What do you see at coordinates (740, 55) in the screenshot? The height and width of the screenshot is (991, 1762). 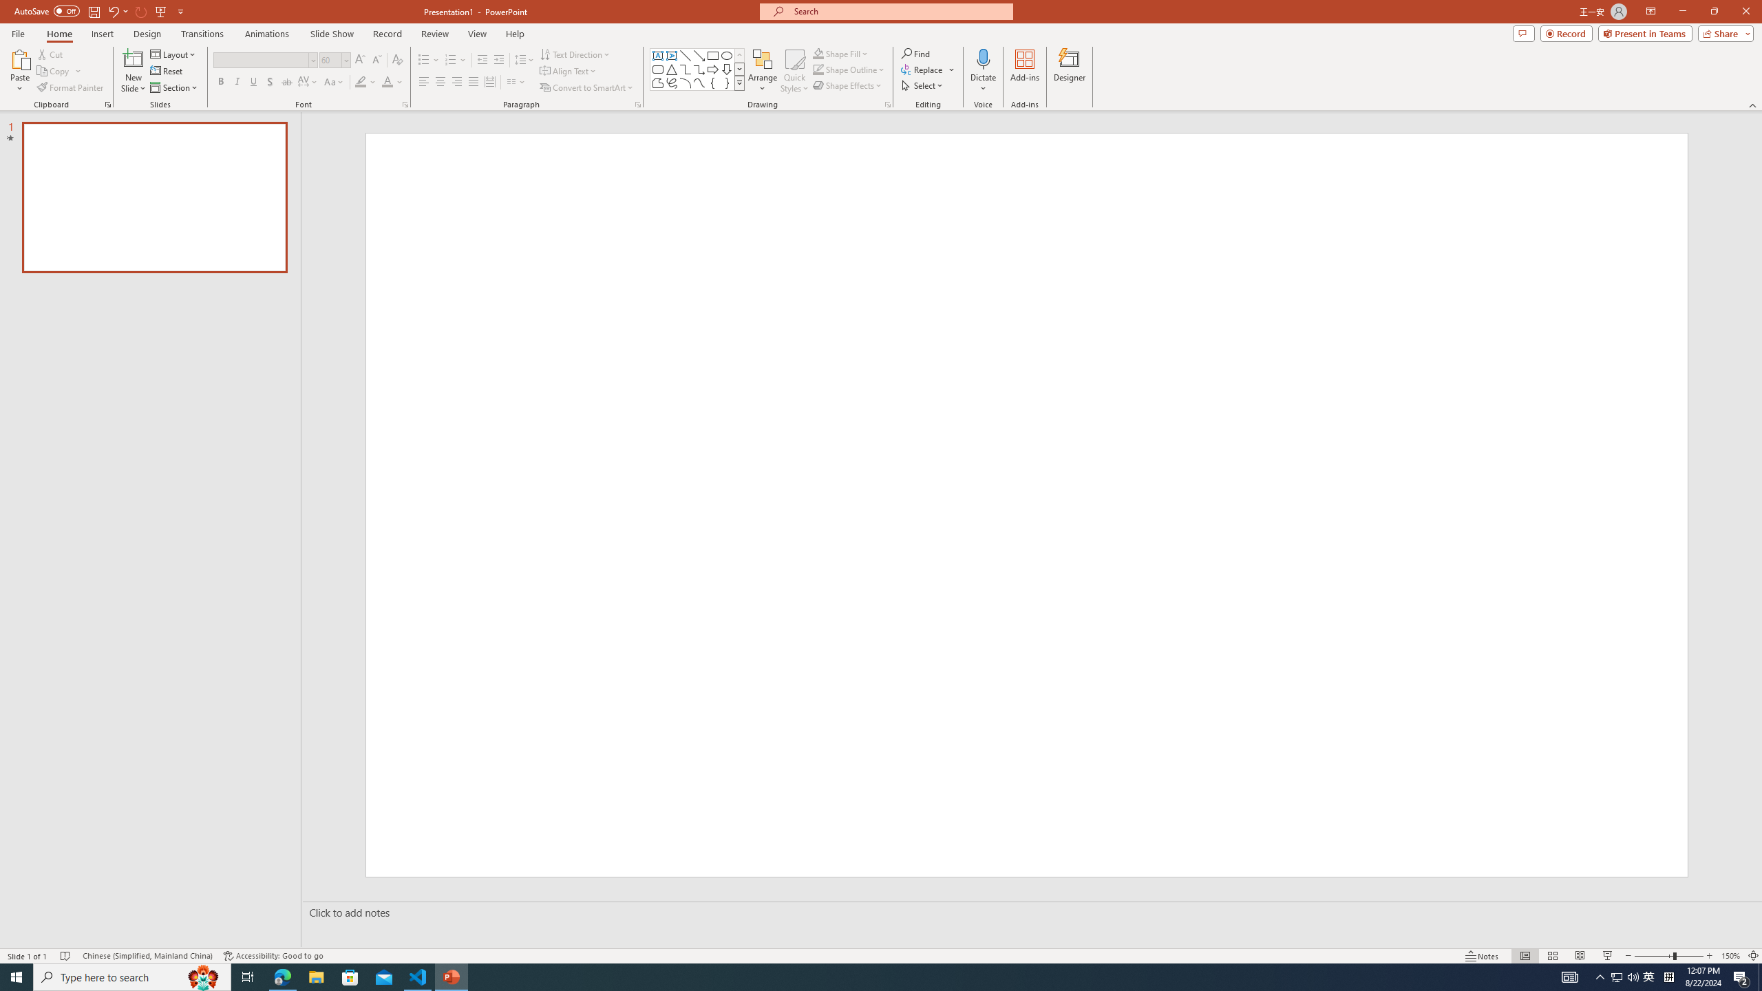 I see `'Row up'` at bounding box center [740, 55].